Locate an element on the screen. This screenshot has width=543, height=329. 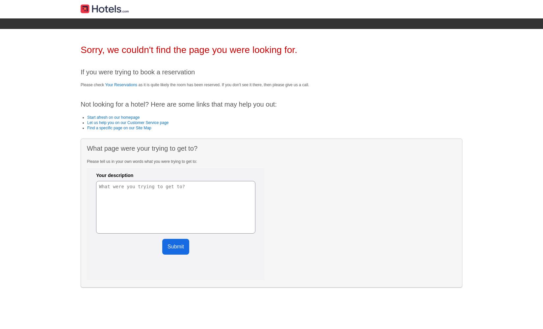
'Your Reservations' is located at coordinates (105, 85).